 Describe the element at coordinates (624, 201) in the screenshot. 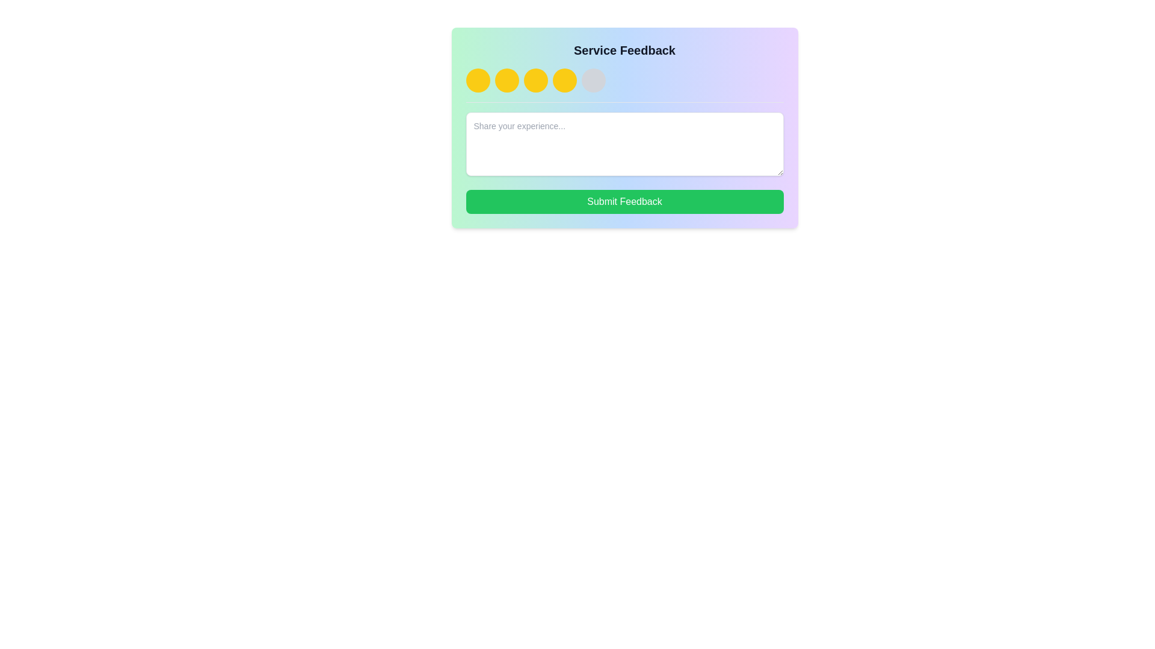

I see `the 'Submit Feedback' button located below the text input area` at that location.